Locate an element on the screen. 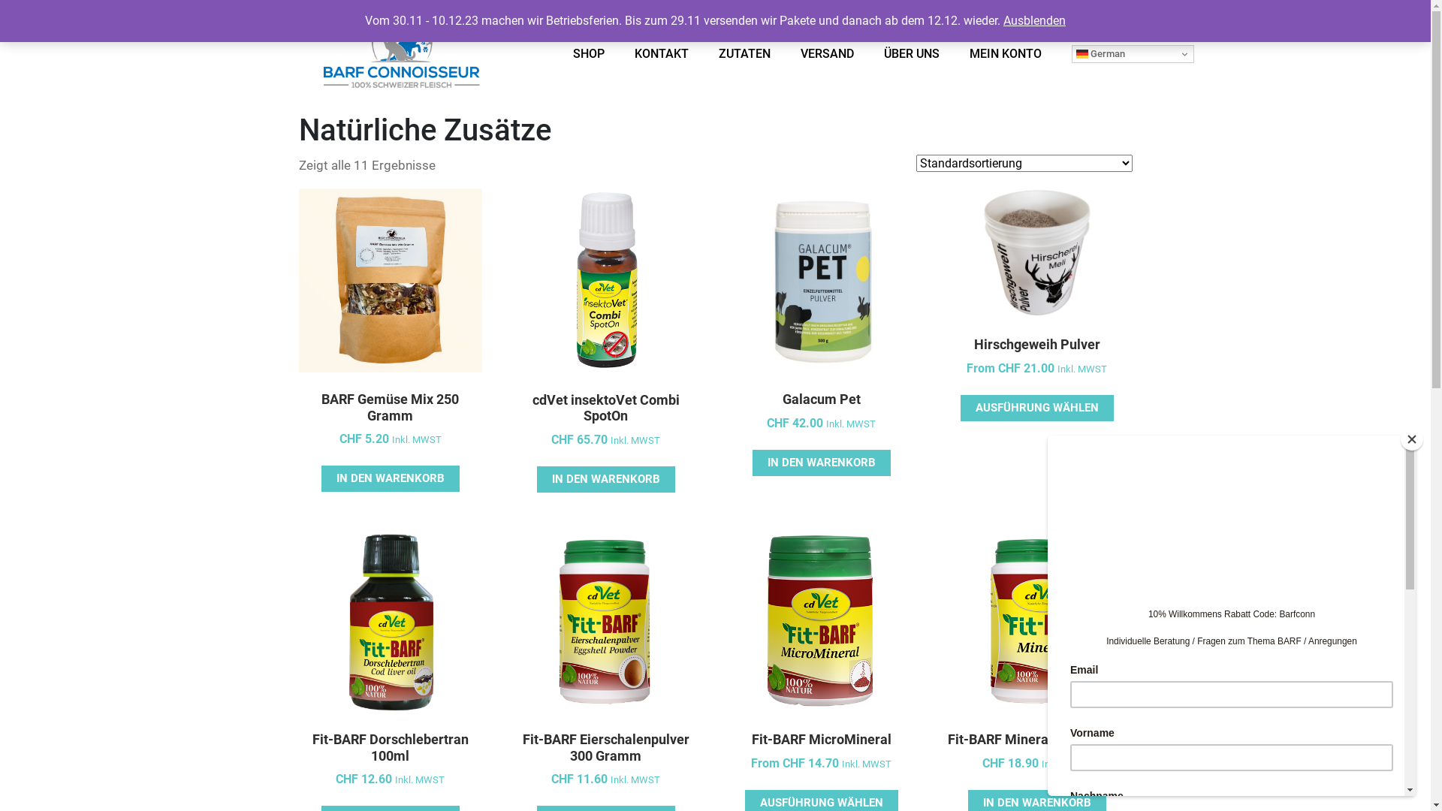  'logo' is located at coordinates (400, 58).